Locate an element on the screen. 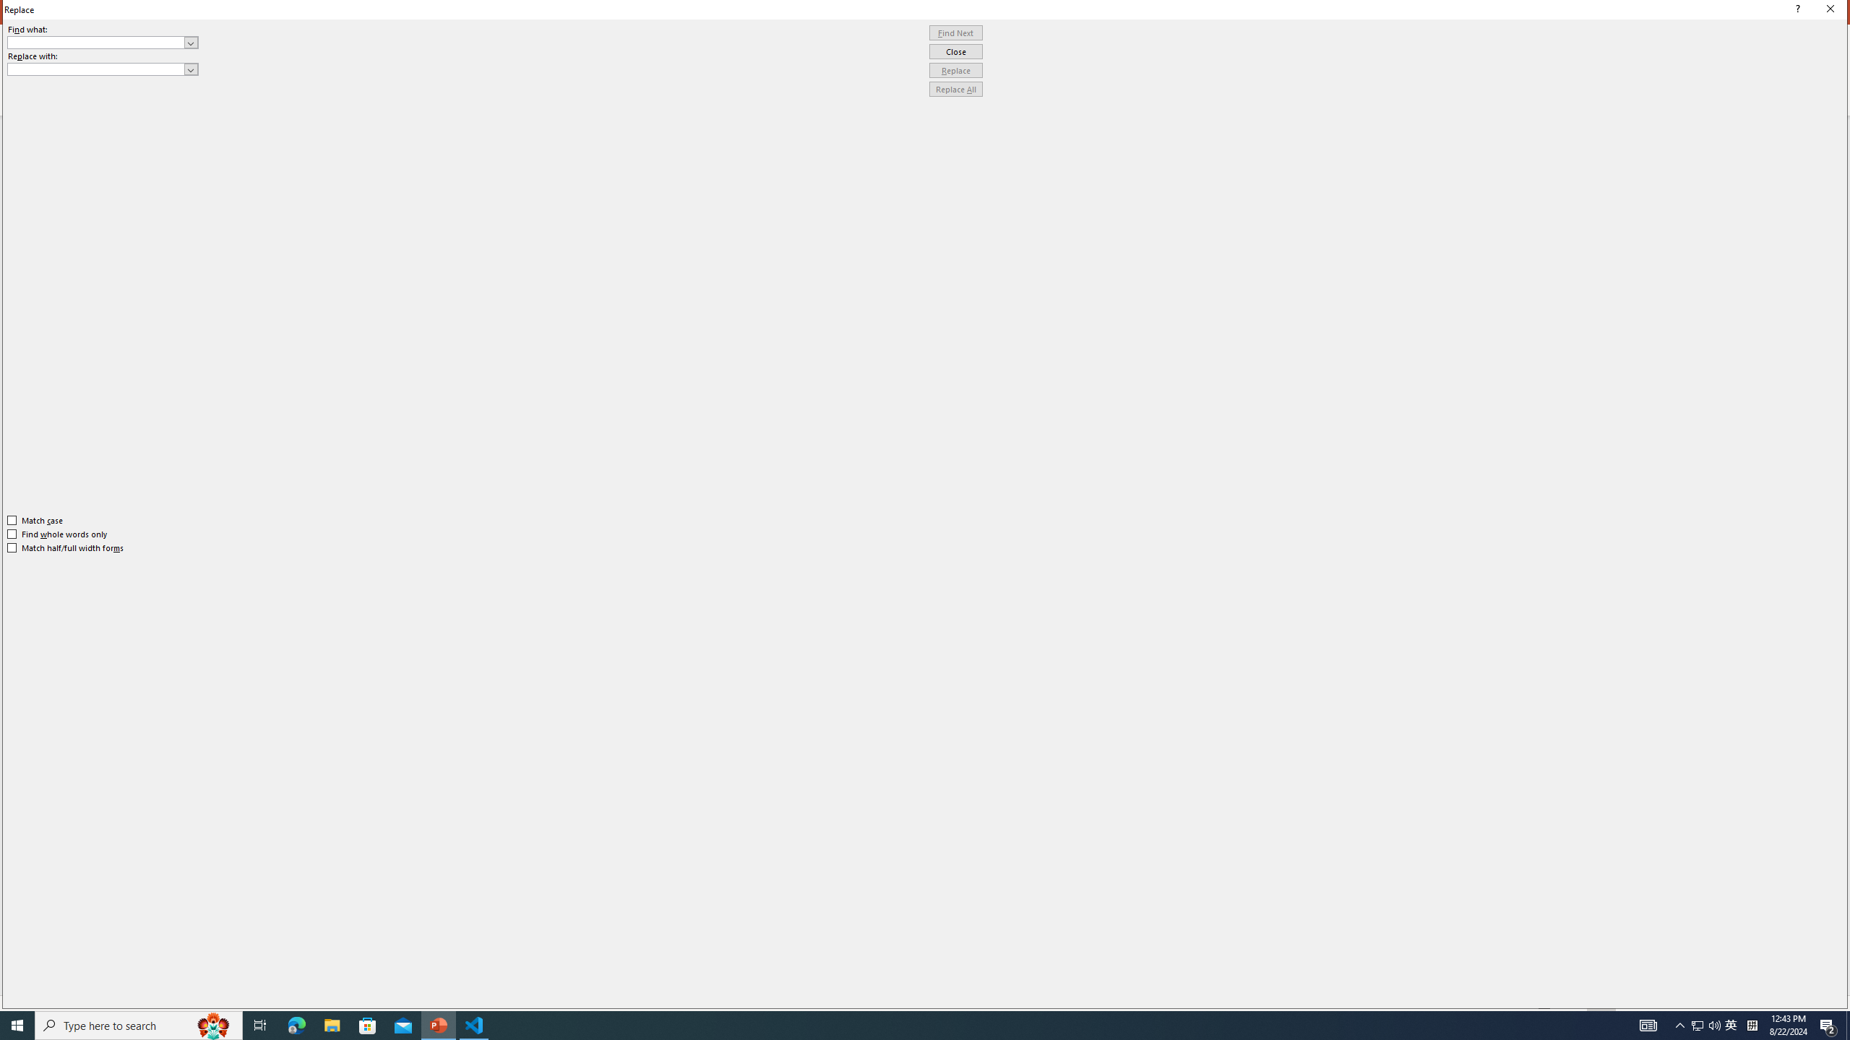  'Find Next' is located at coordinates (955, 32).